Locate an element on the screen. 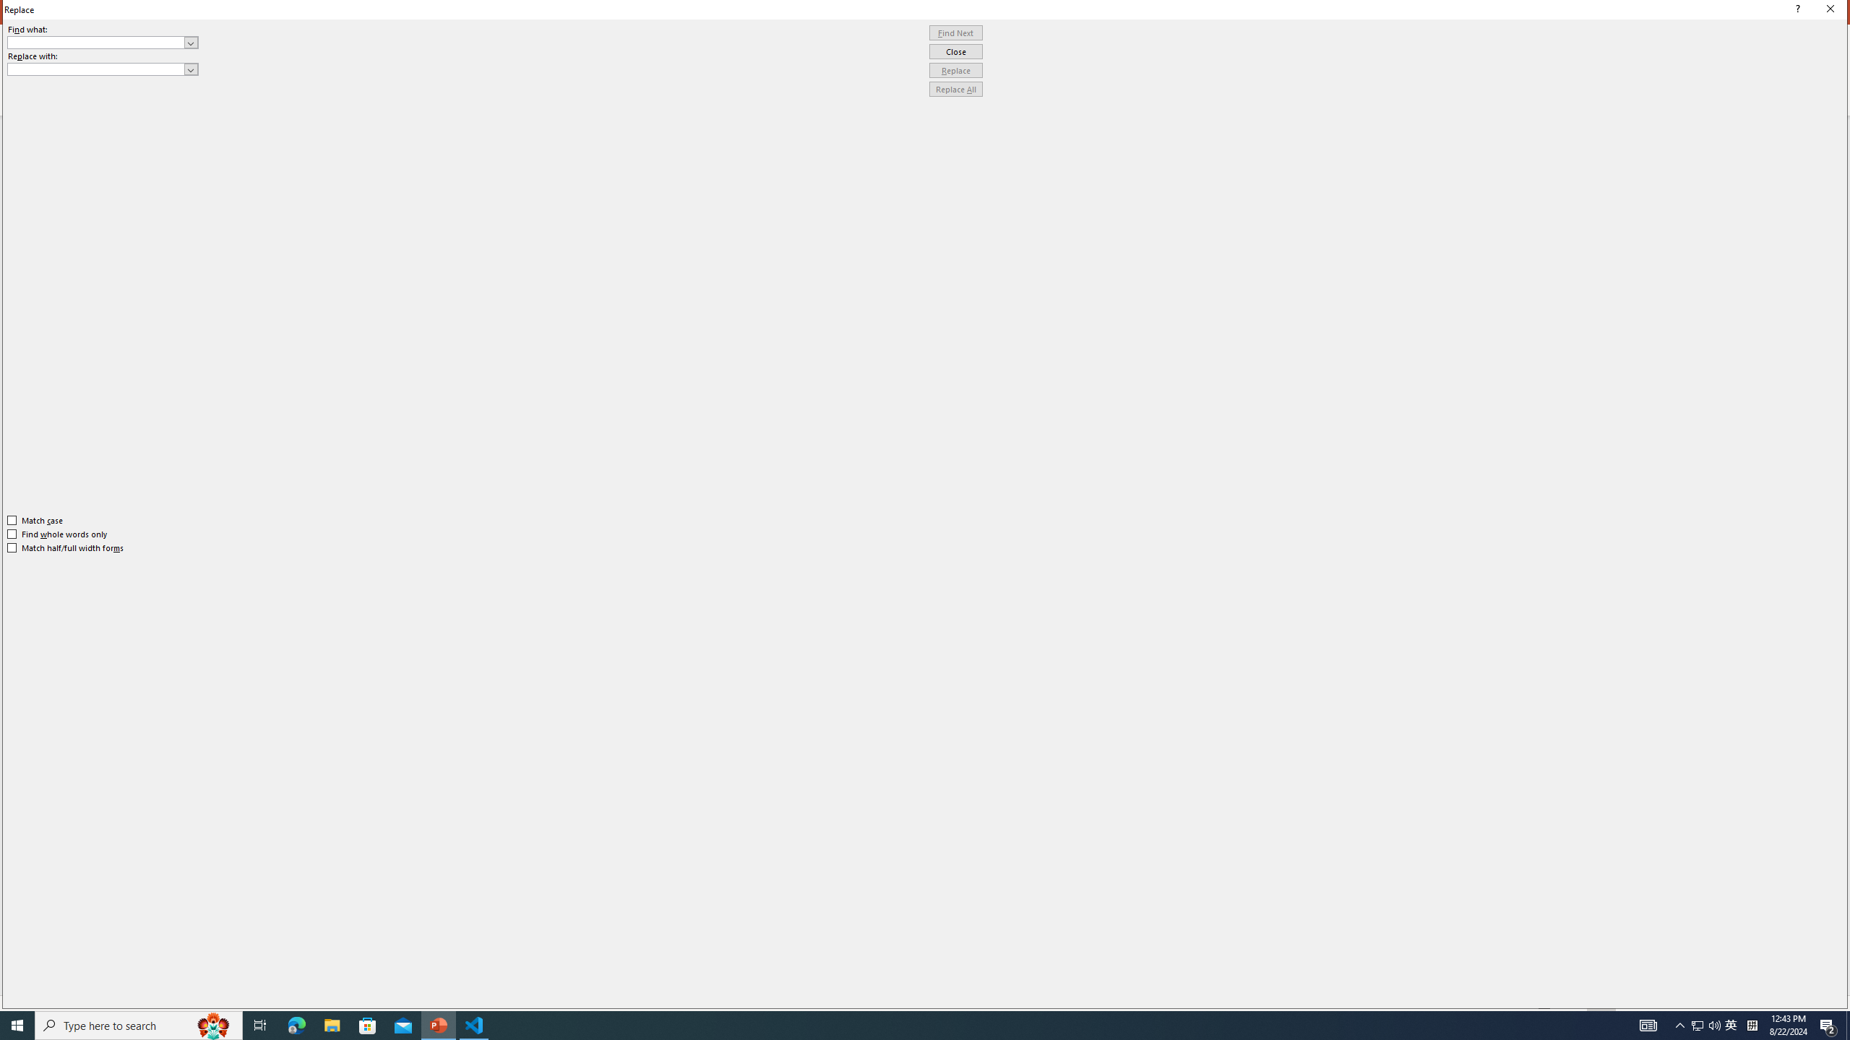  'Find Next' is located at coordinates (955, 32).